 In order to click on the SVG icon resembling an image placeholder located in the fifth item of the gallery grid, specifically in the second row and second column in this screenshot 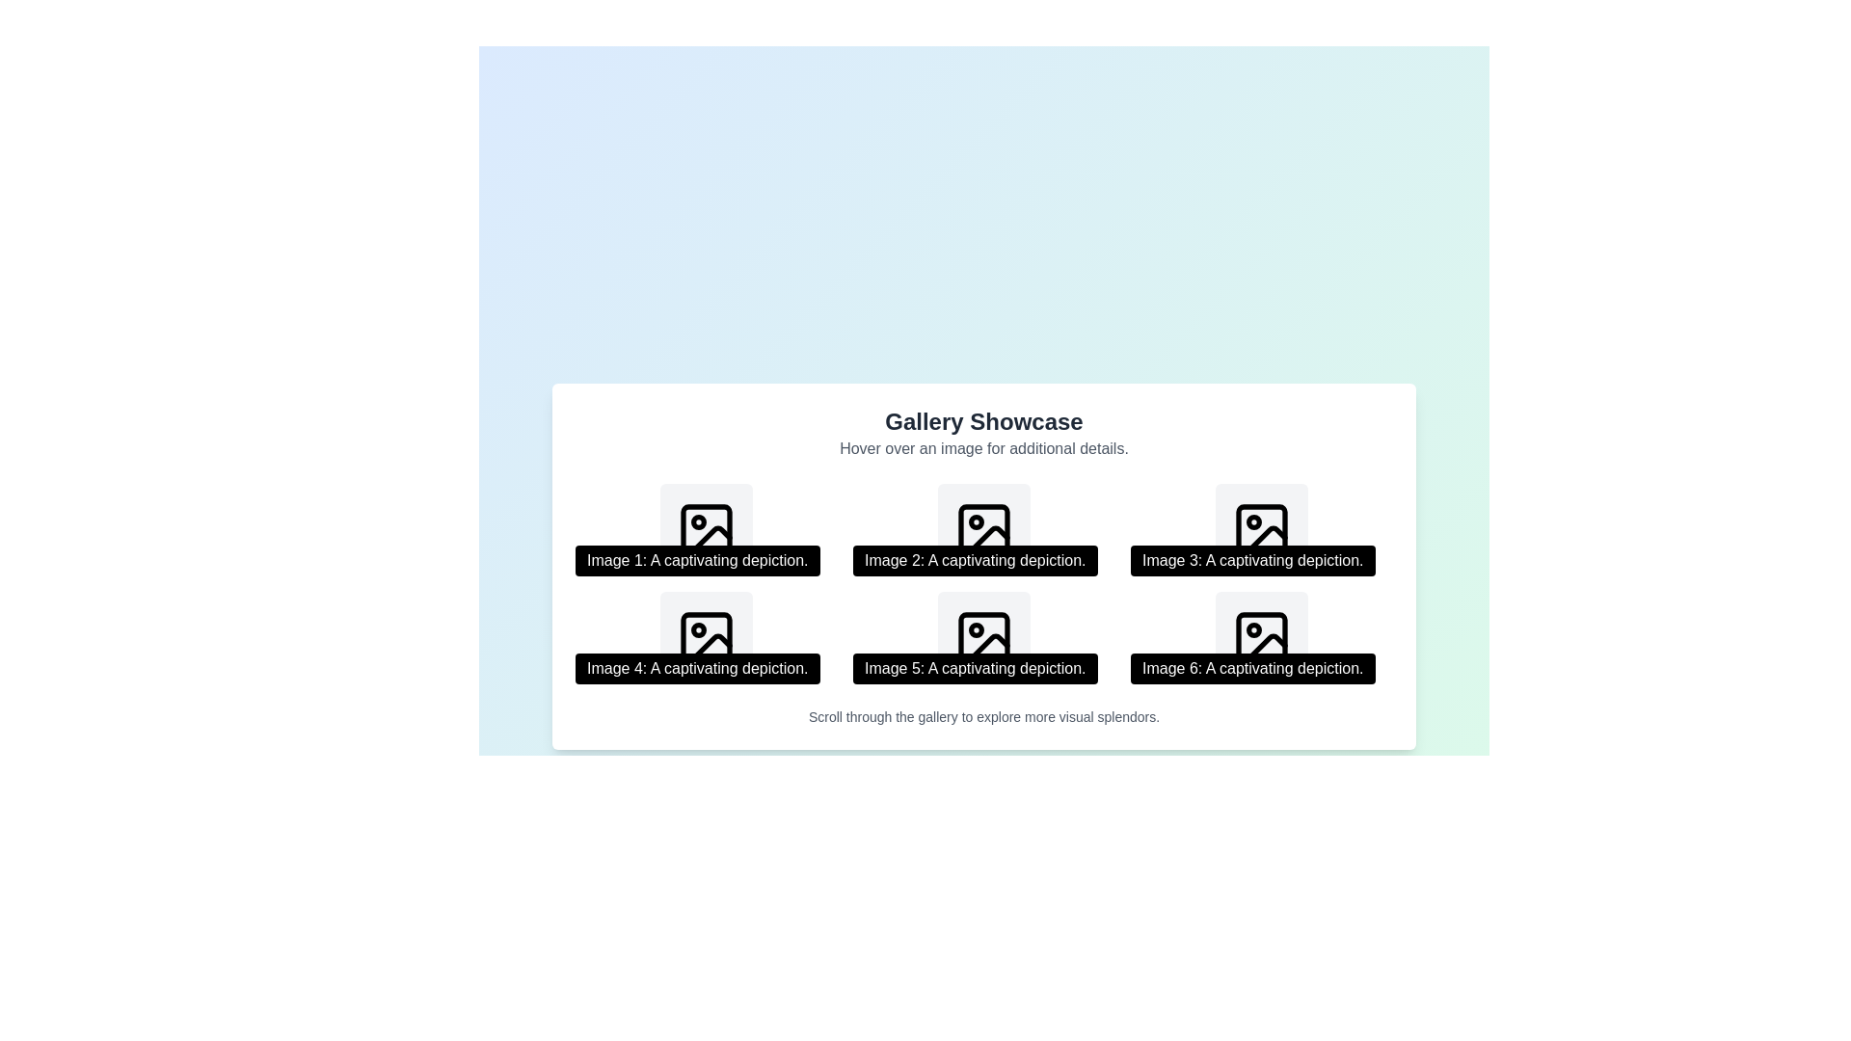, I will do `click(984, 638)`.